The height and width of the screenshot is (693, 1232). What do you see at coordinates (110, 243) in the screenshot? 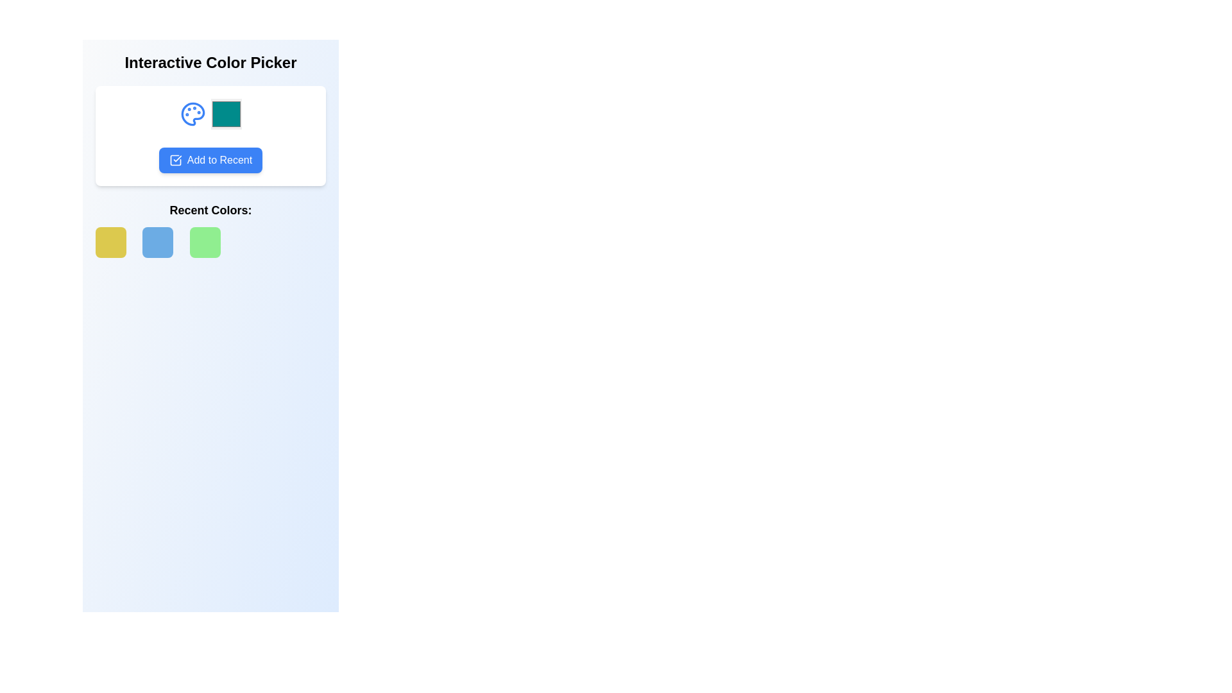
I see `the first color tile` at bounding box center [110, 243].